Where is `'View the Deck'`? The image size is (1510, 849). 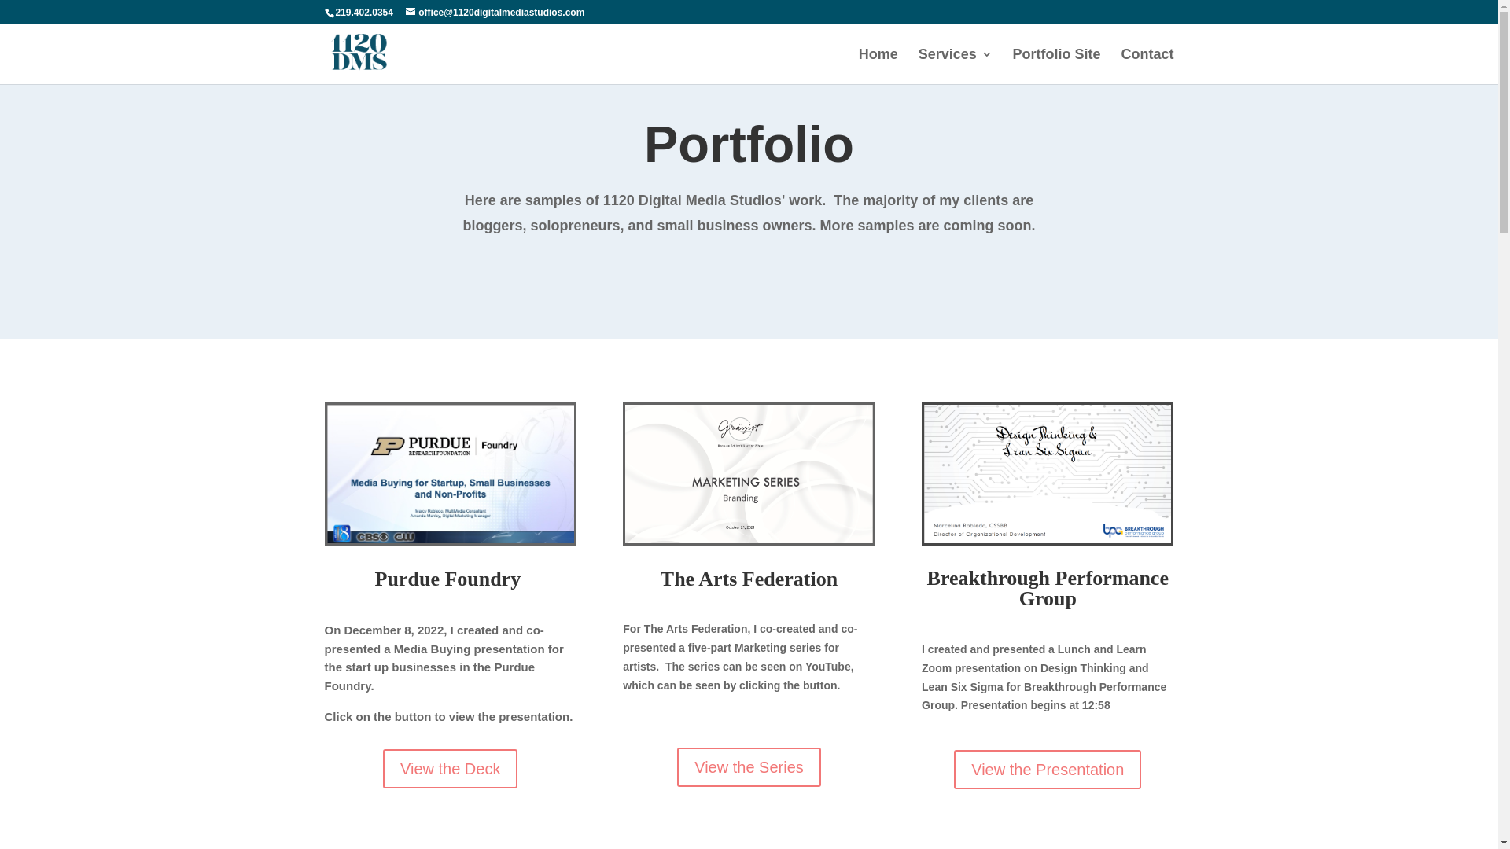
'View the Deck' is located at coordinates (449, 768).